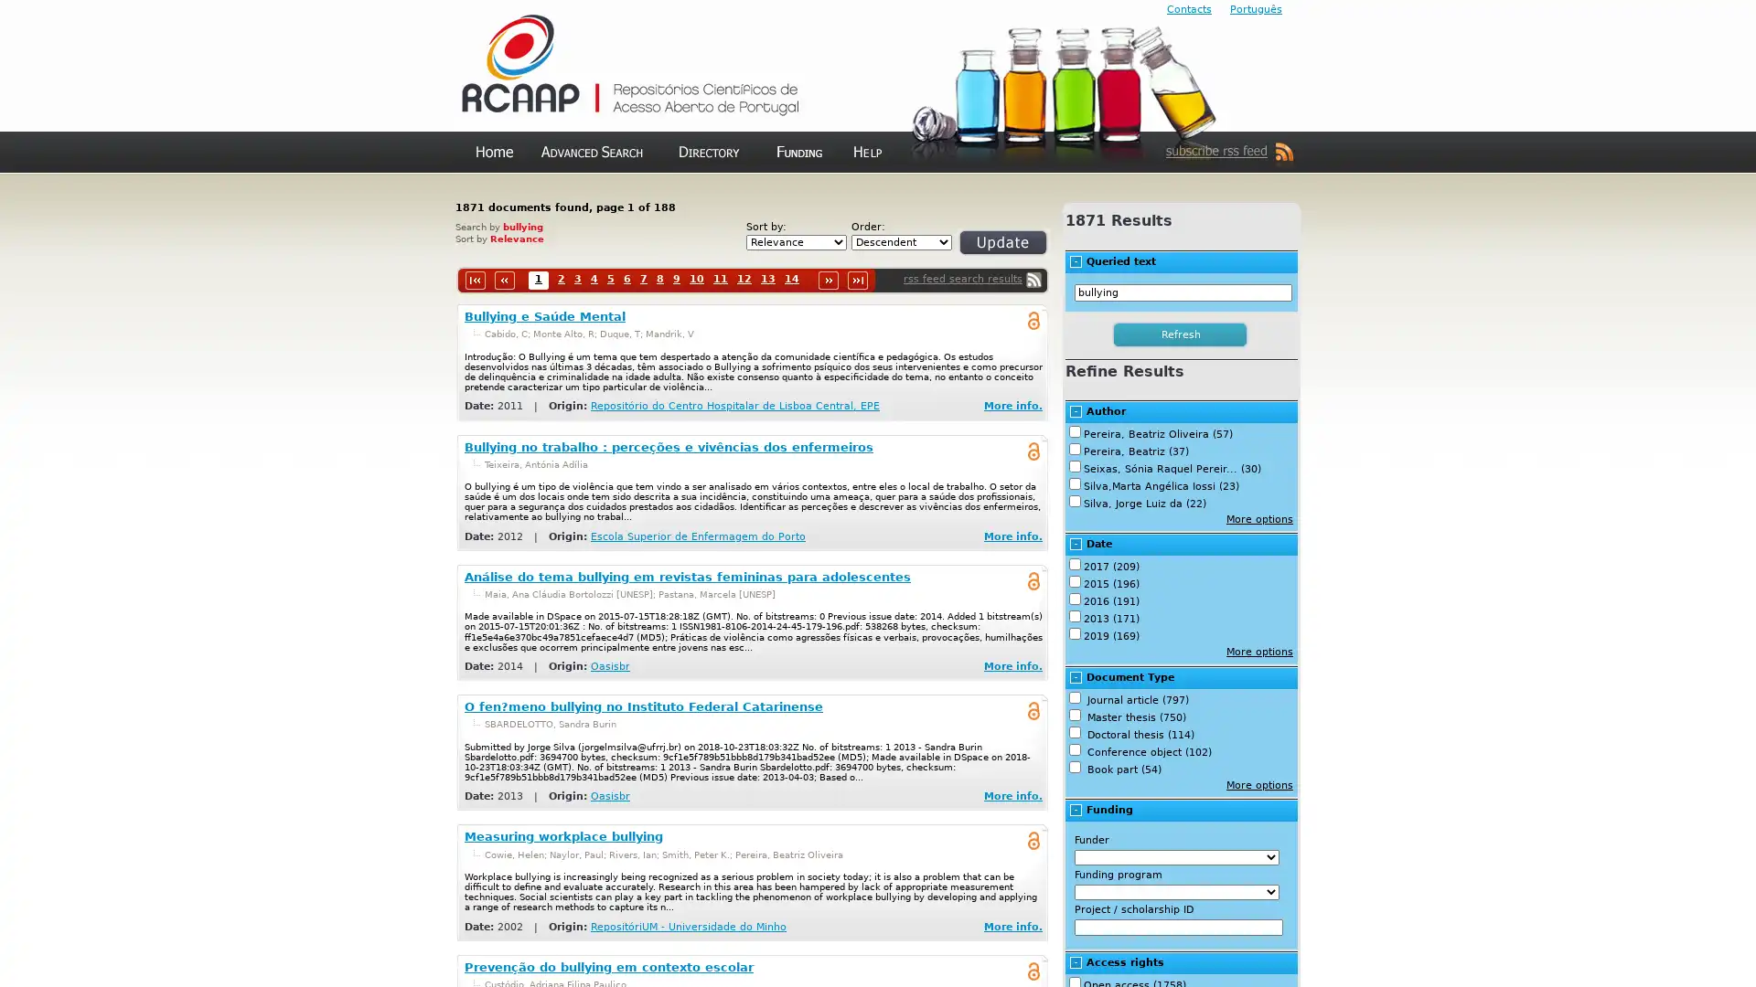 This screenshot has height=987, width=1756. What do you see at coordinates (980, 249) in the screenshot?
I see `Refresh` at bounding box center [980, 249].